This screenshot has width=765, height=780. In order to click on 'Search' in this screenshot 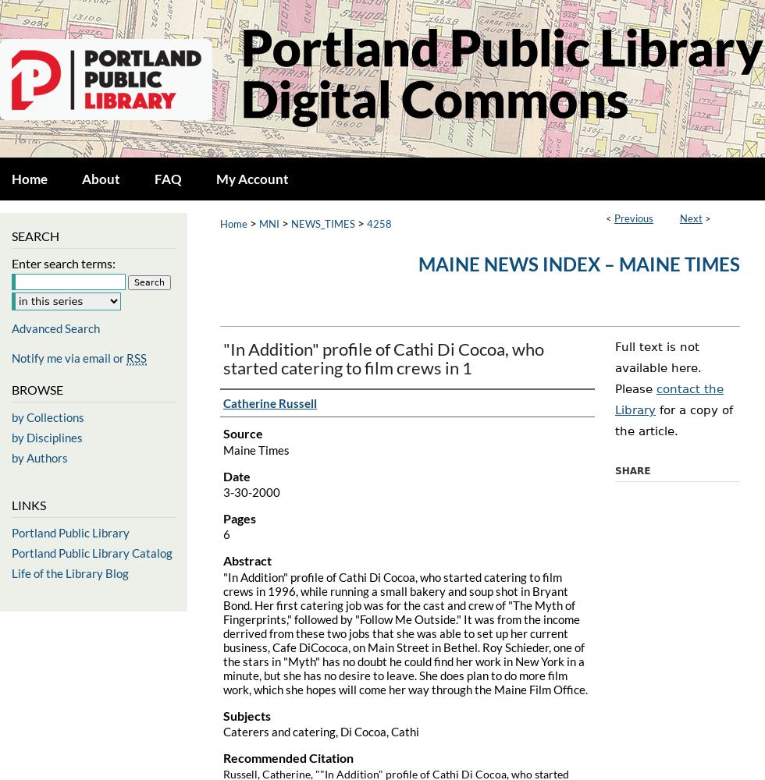, I will do `click(35, 236)`.